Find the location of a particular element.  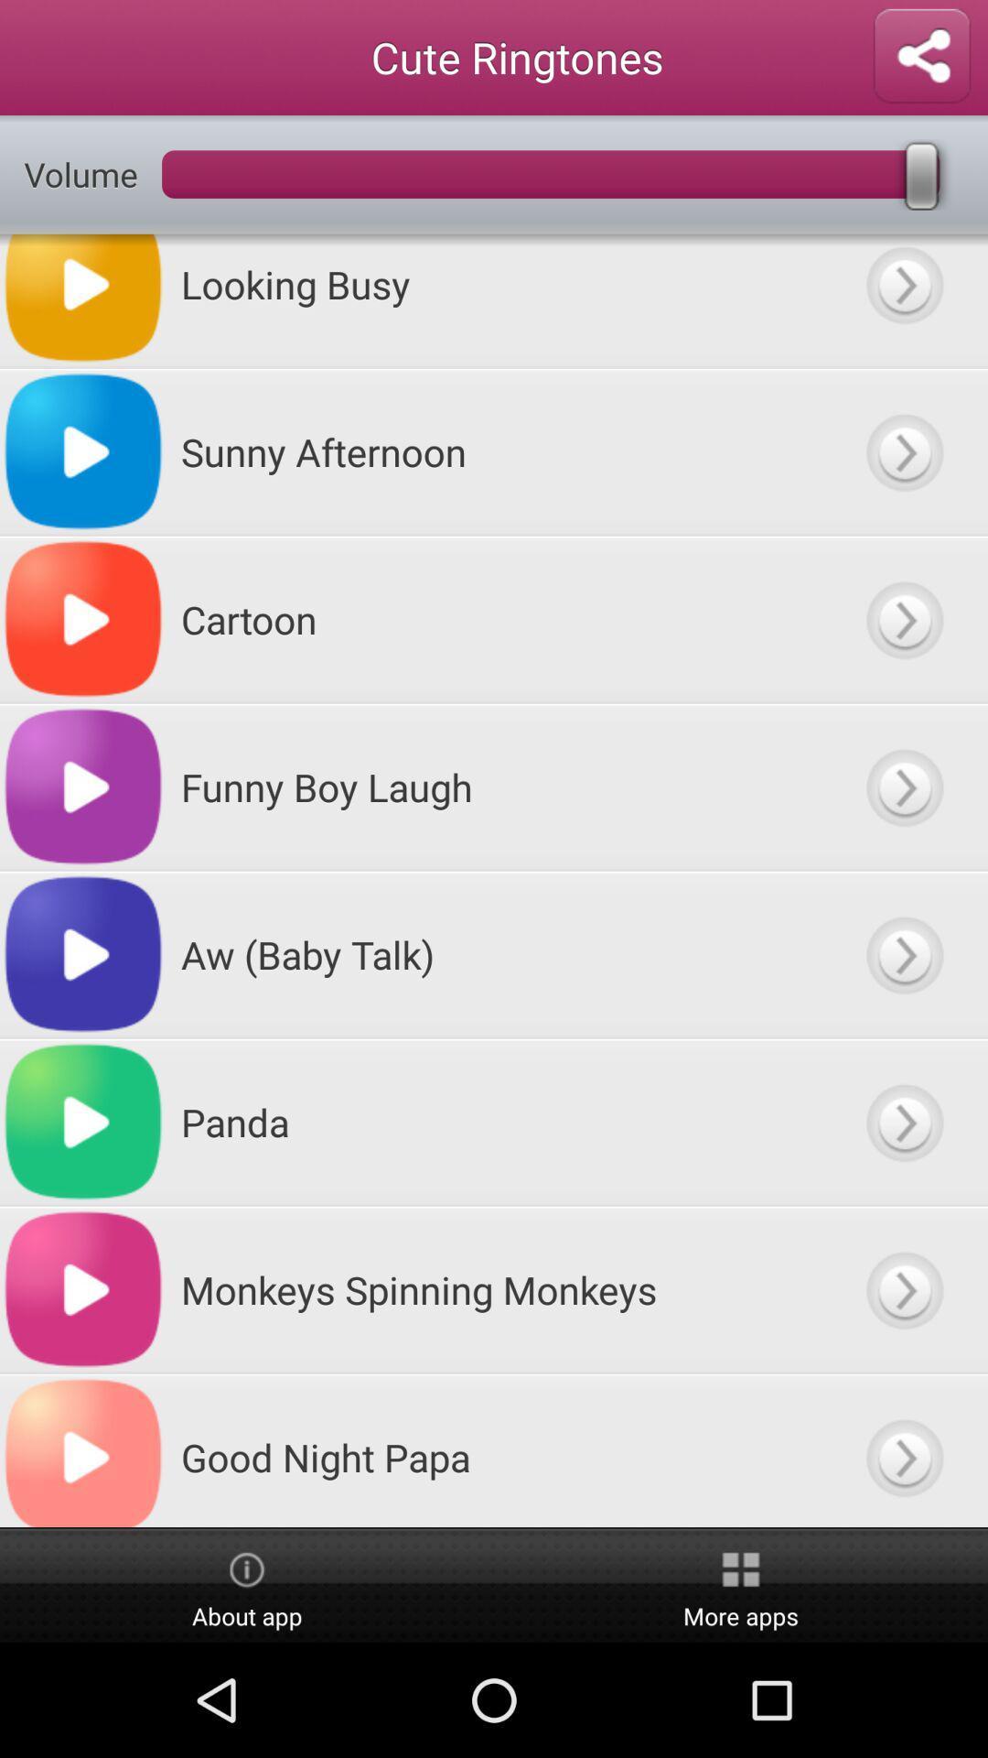

ringtone is located at coordinates (903, 1449).